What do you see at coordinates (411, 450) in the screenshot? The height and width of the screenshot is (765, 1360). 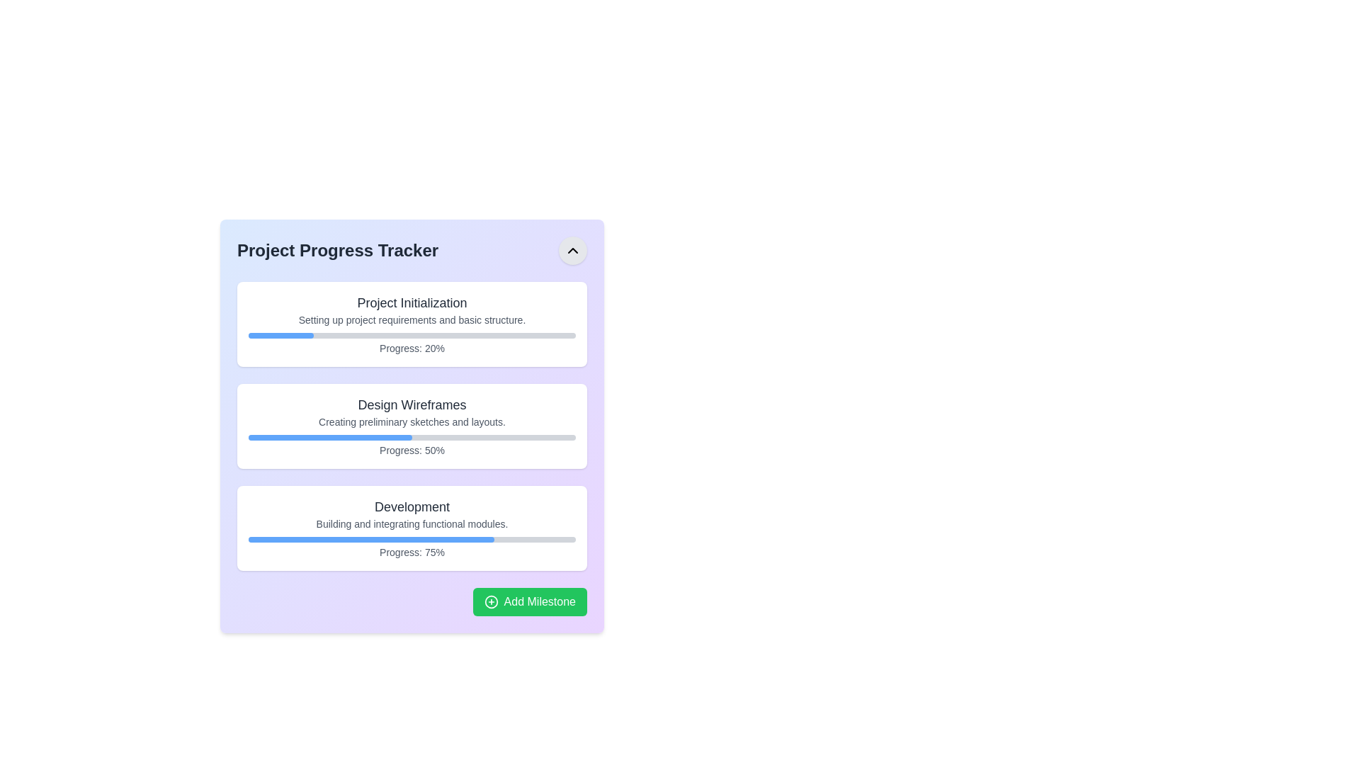 I see `the informational Text label that shows the progress of the 'Design Wireframes' task, located below the progress bar` at bounding box center [411, 450].